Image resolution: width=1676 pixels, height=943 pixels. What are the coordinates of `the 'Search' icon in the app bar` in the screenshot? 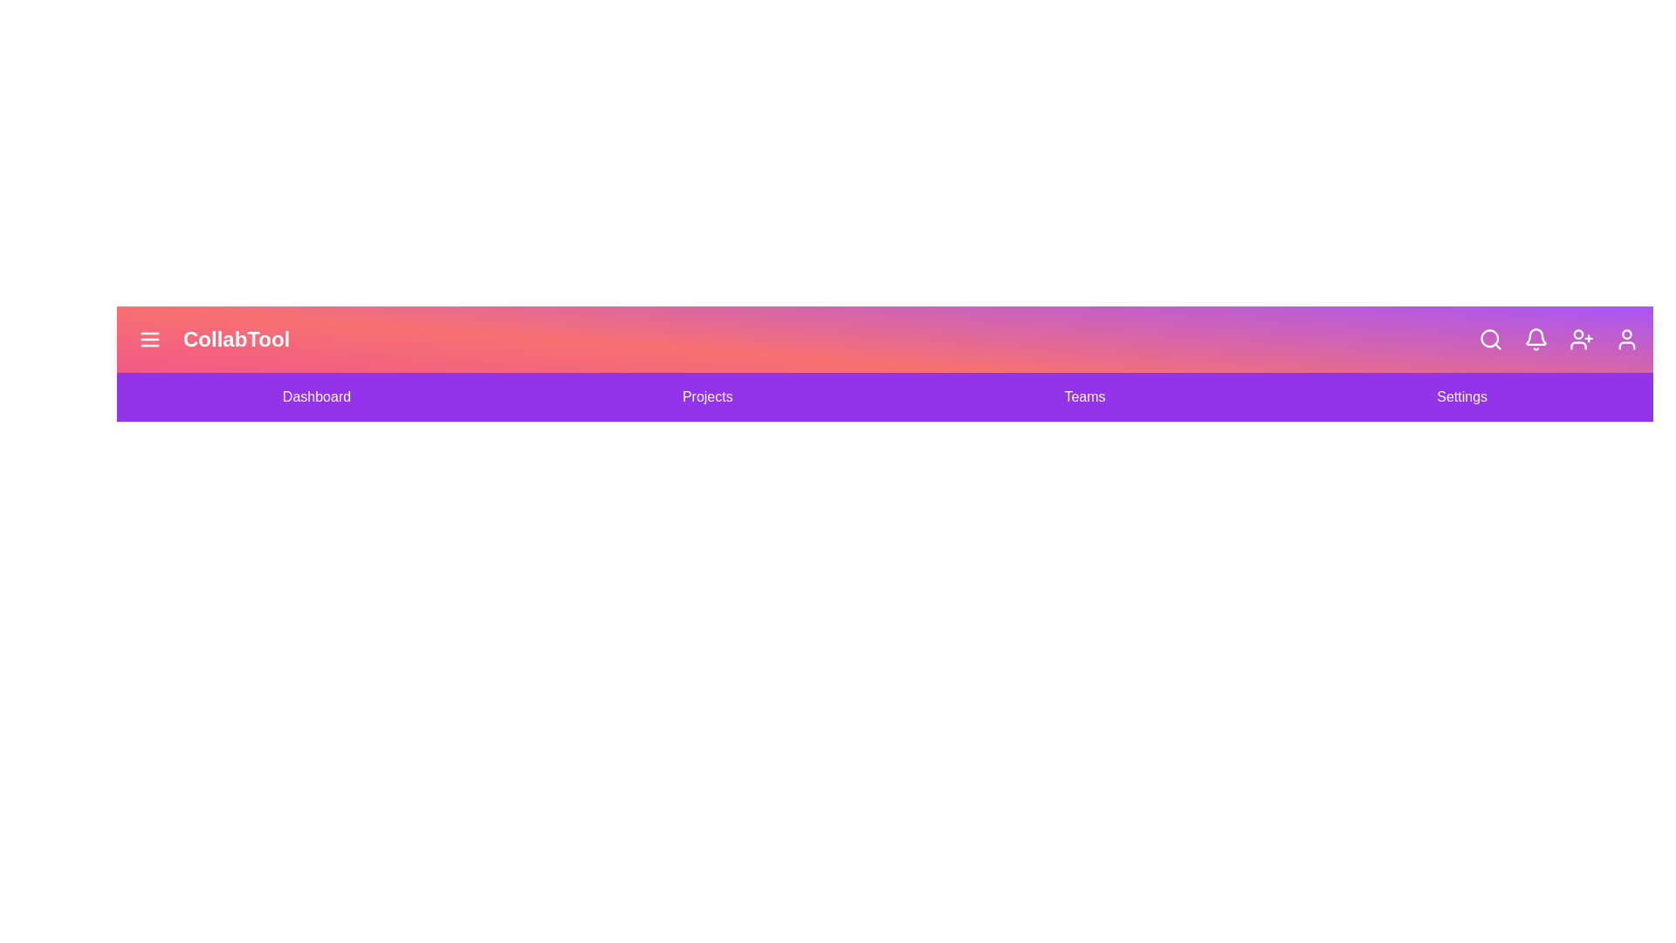 It's located at (1490, 340).